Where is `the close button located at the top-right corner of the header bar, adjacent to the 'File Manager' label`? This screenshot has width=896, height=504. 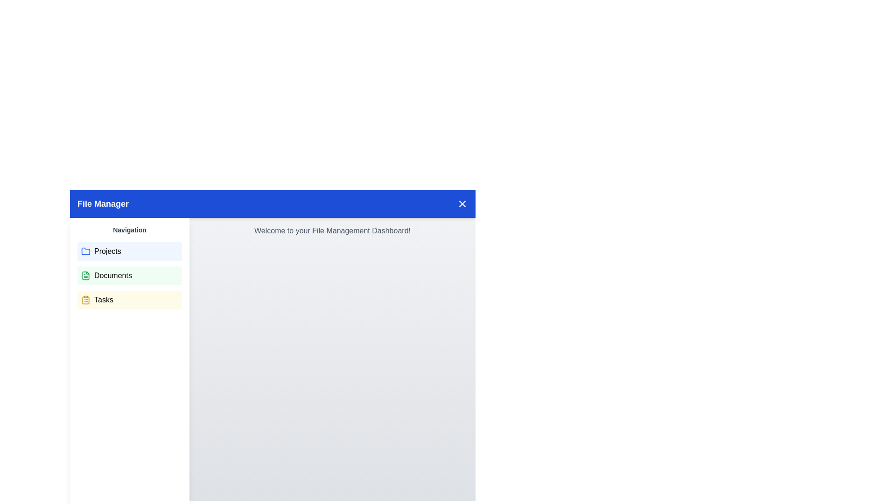 the close button located at the top-right corner of the header bar, adjacent to the 'File Manager' label is located at coordinates (462, 203).